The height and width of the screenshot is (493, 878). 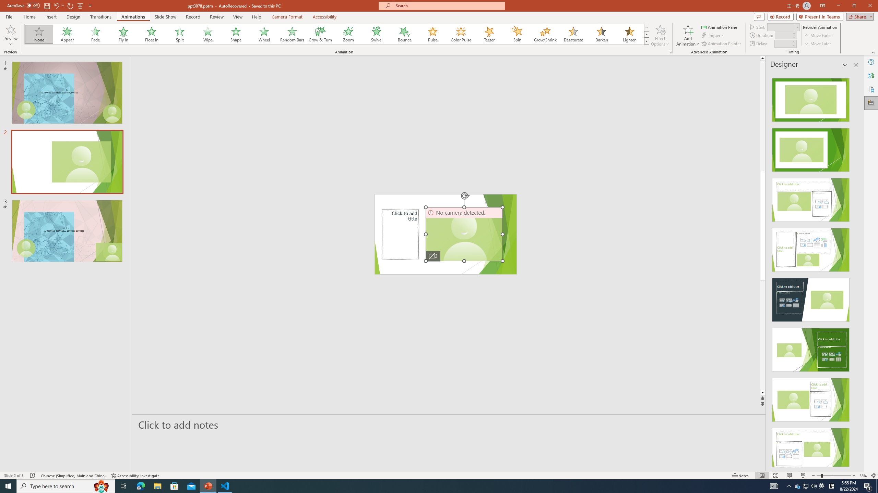 What do you see at coordinates (545, 34) in the screenshot?
I see `'Grow/Shrink'` at bounding box center [545, 34].